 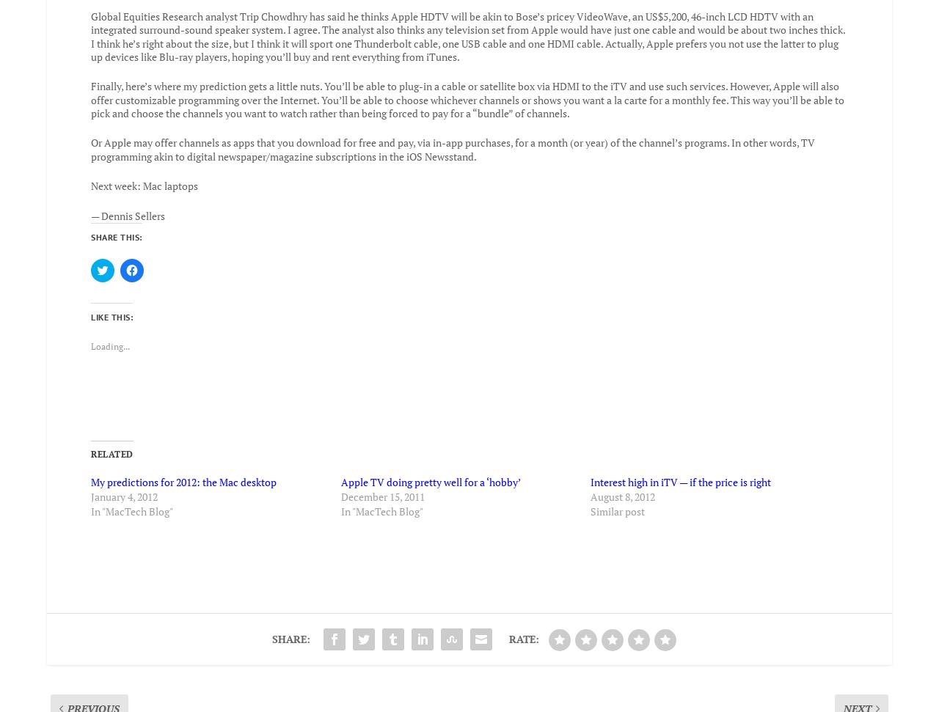 I want to click on 'Or Apple may offer channels as apps that you download for free and pay, via in-app purchases, for a month (or year) of the channel’s programs. In other words, TV programming akin to digital newspaper/magazine subscriptions in the iOS Newsstand.', so click(x=452, y=139).